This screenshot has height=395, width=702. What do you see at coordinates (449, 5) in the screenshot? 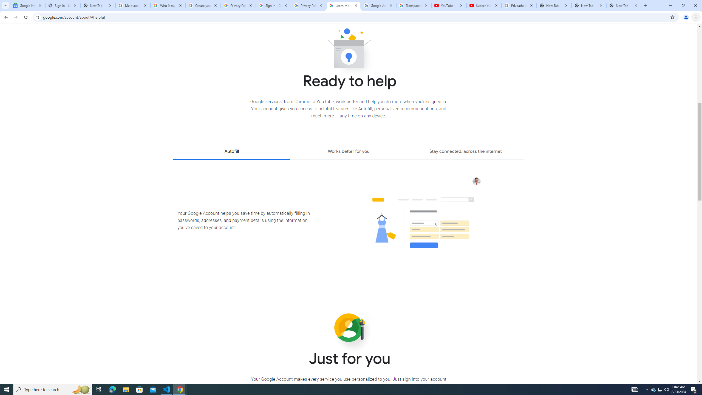
I see `'YouTube'` at bounding box center [449, 5].